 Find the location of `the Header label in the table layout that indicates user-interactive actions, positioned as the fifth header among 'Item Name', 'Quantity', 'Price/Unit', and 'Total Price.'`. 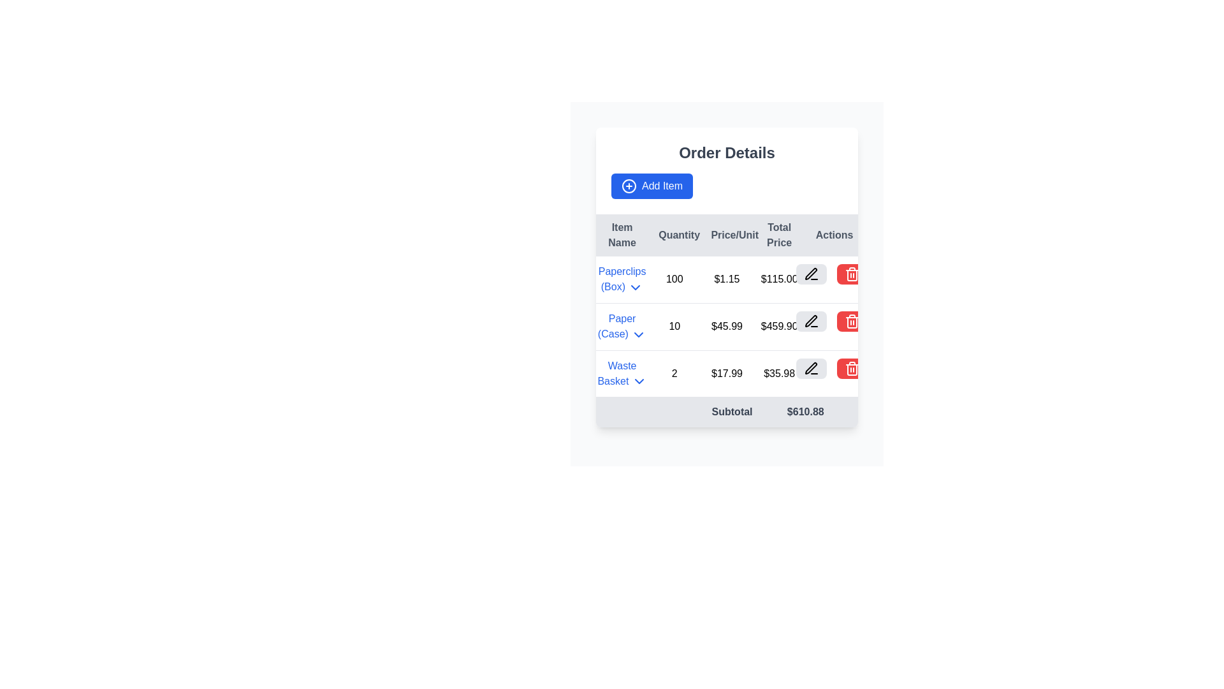

the Header label in the table layout that indicates user-interactive actions, positioned as the fifth header among 'Item Name', 'Quantity', 'Price/Unit', and 'Total Price.' is located at coordinates (831, 235).